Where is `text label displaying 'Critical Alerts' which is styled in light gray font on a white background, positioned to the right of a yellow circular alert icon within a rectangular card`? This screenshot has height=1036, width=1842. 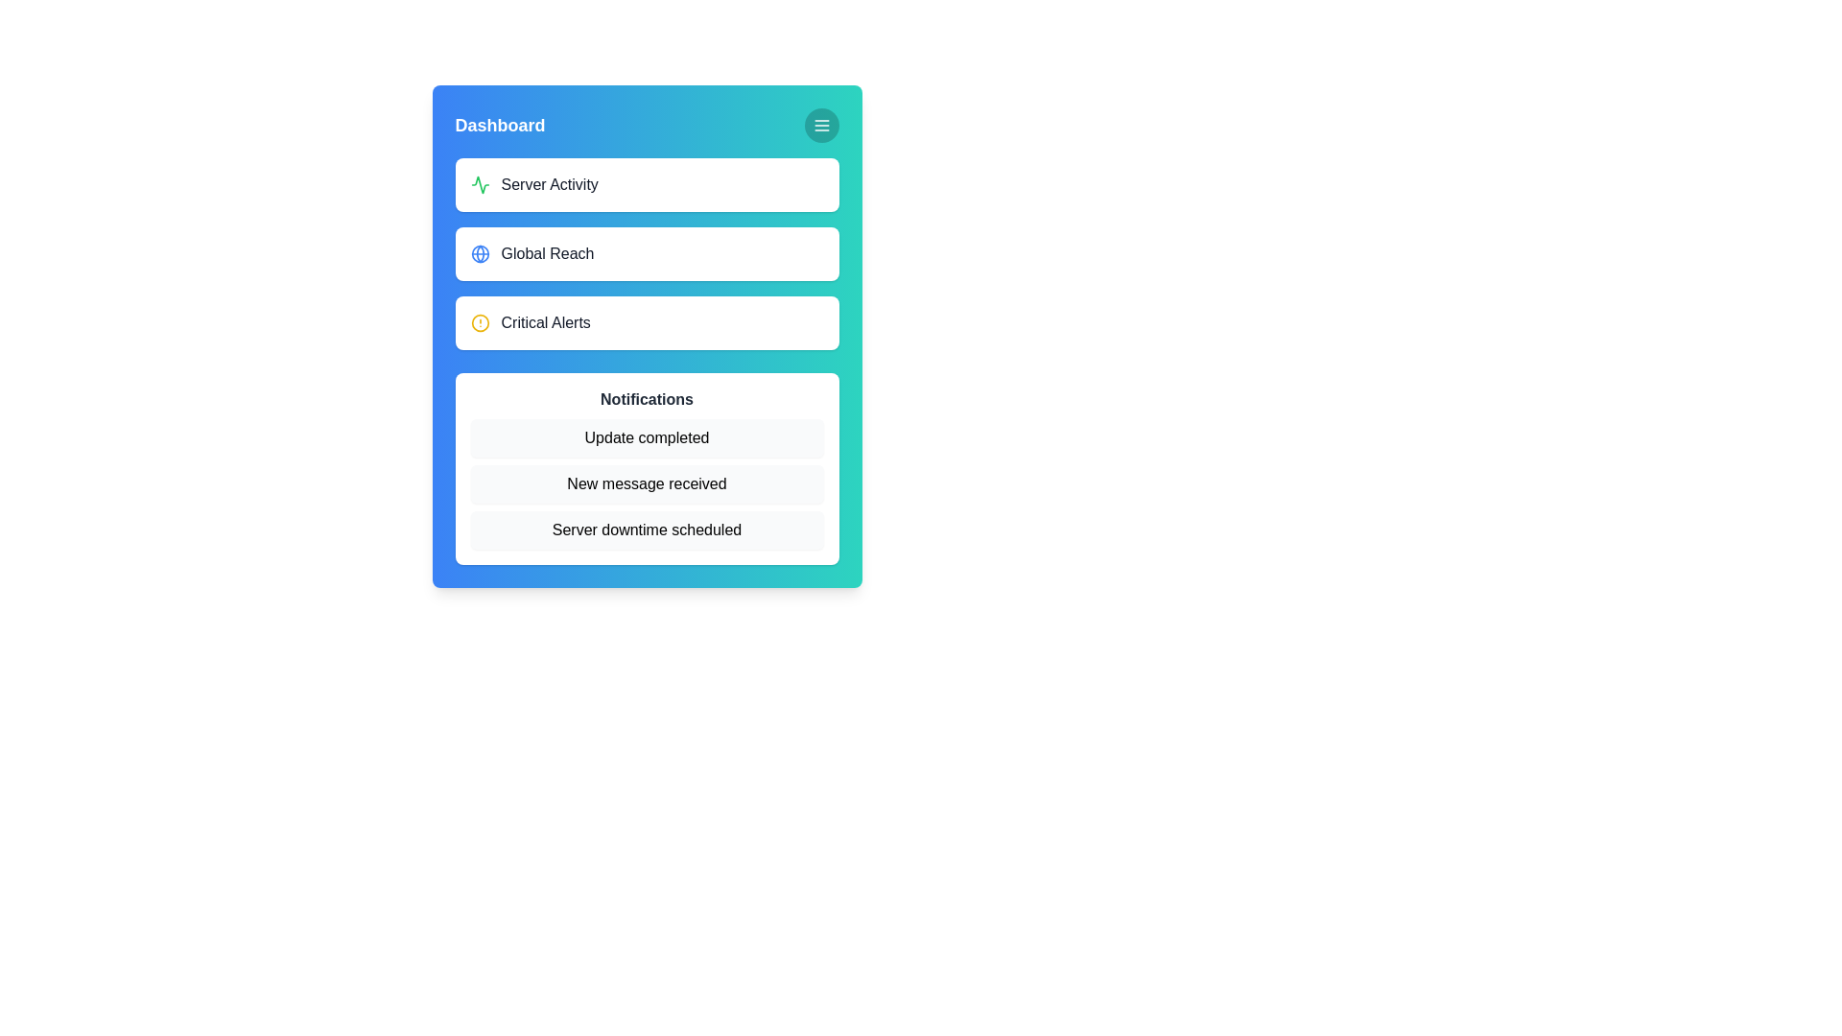 text label displaying 'Critical Alerts' which is styled in light gray font on a white background, positioned to the right of a yellow circular alert icon within a rectangular card is located at coordinates (545, 321).